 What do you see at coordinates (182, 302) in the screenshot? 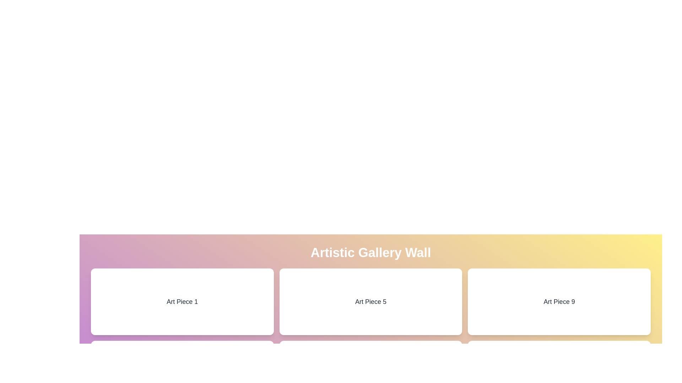
I see `the first art display card located in the top left corner of the grid layout` at bounding box center [182, 302].